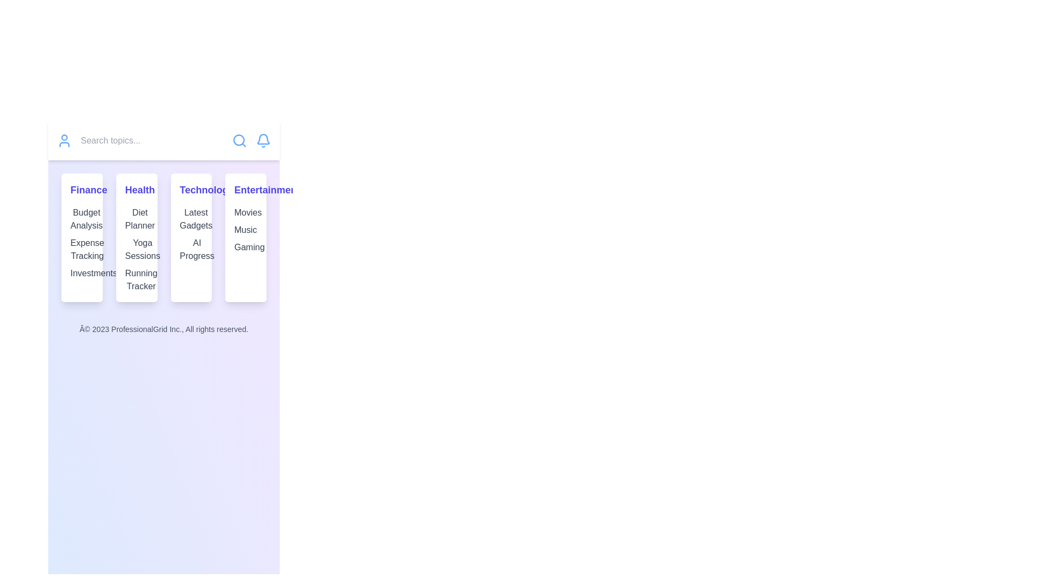  What do you see at coordinates (238, 139) in the screenshot?
I see `the circular representation of the search icon located in the top navigation bar, which is styled as part of the magnifying glass portion of the search icon` at bounding box center [238, 139].